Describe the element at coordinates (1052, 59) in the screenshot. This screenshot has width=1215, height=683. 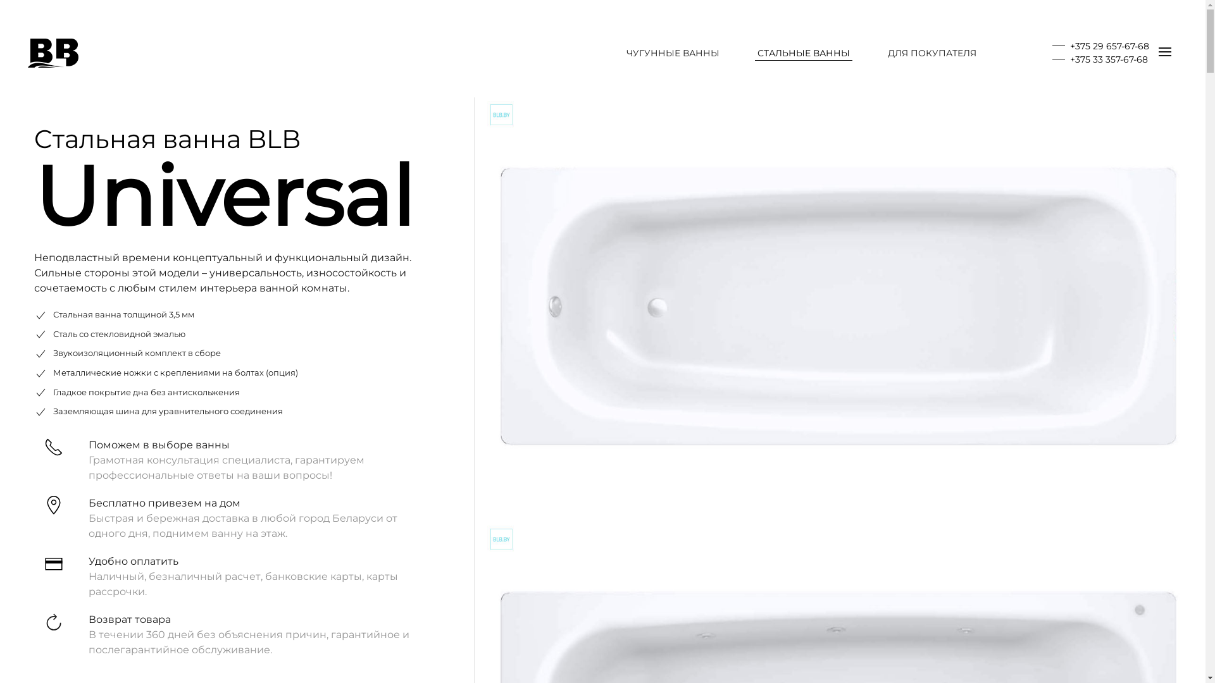
I see `'+375 33 357-67-68'` at that location.